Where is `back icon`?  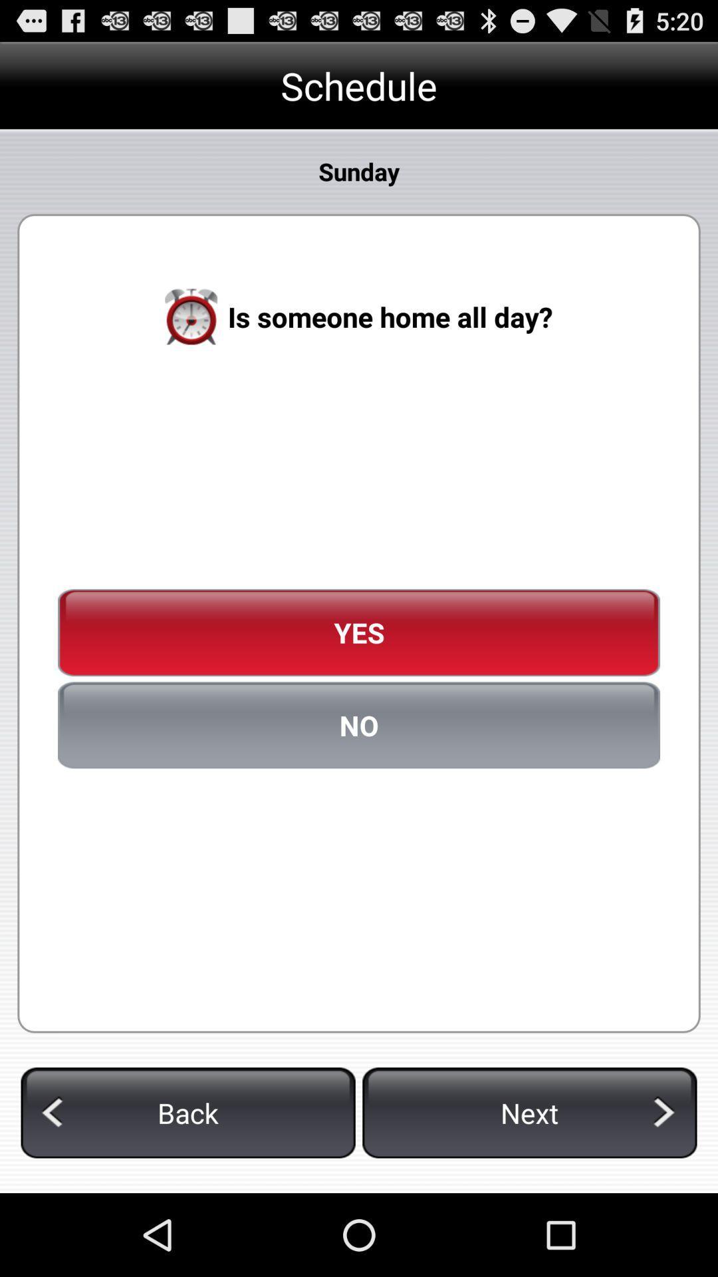 back icon is located at coordinates (188, 1113).